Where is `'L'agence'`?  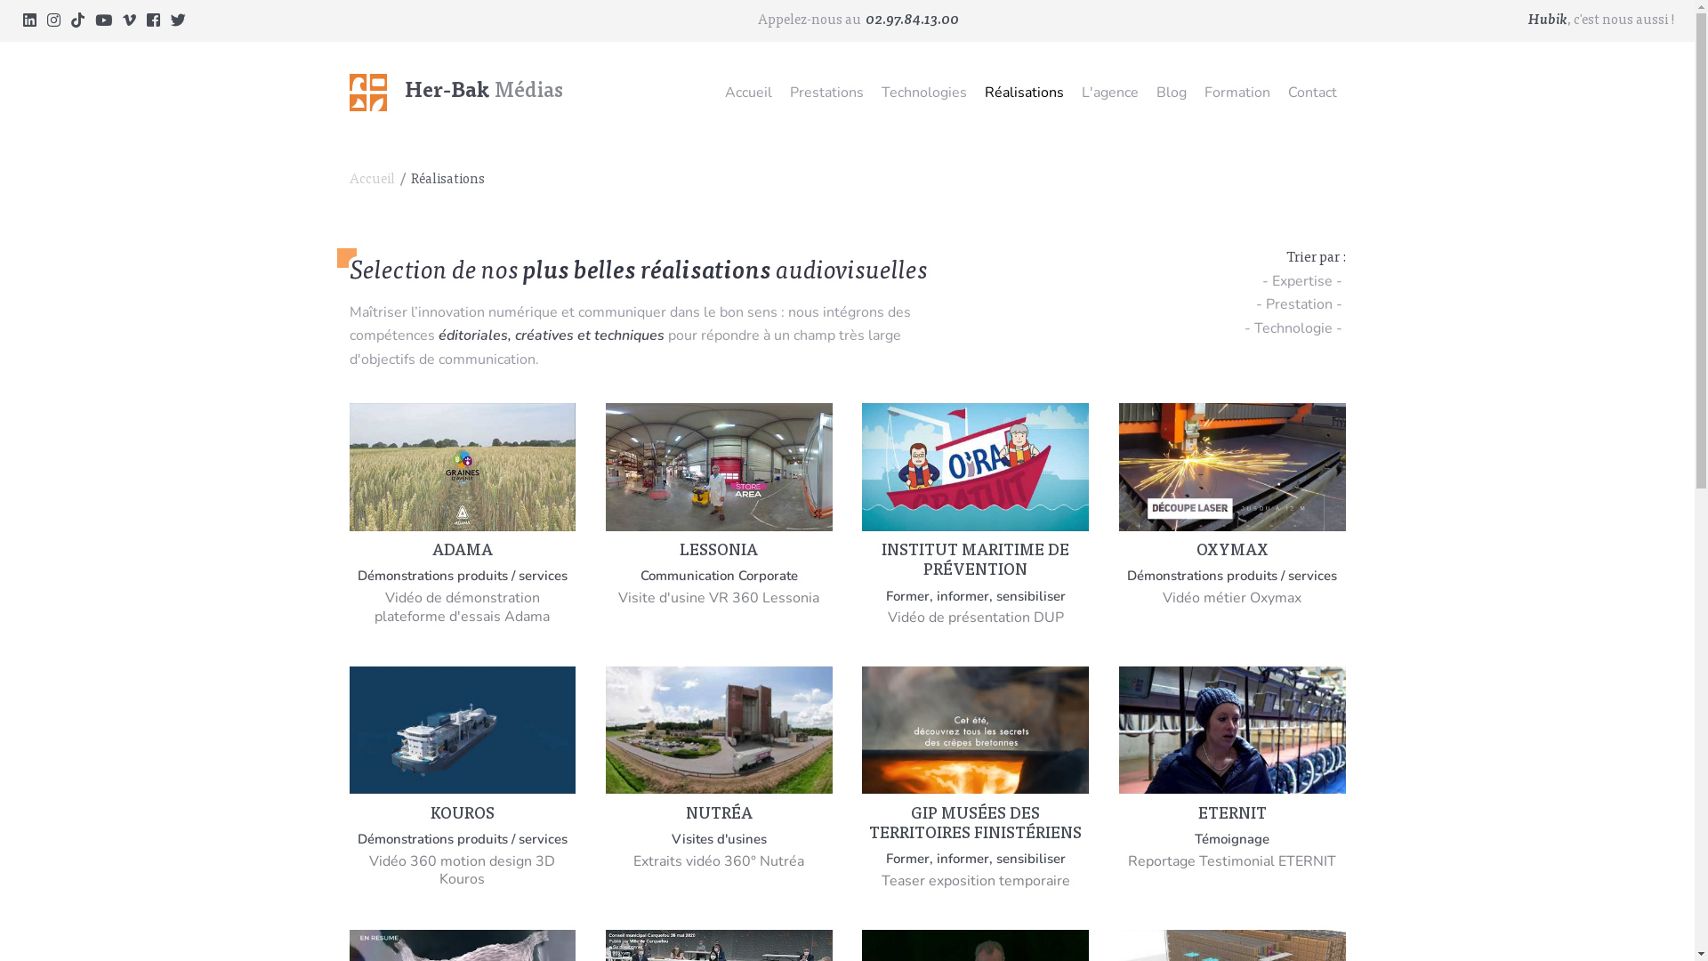
'L'agence' is located at coordinates (1071, 93).